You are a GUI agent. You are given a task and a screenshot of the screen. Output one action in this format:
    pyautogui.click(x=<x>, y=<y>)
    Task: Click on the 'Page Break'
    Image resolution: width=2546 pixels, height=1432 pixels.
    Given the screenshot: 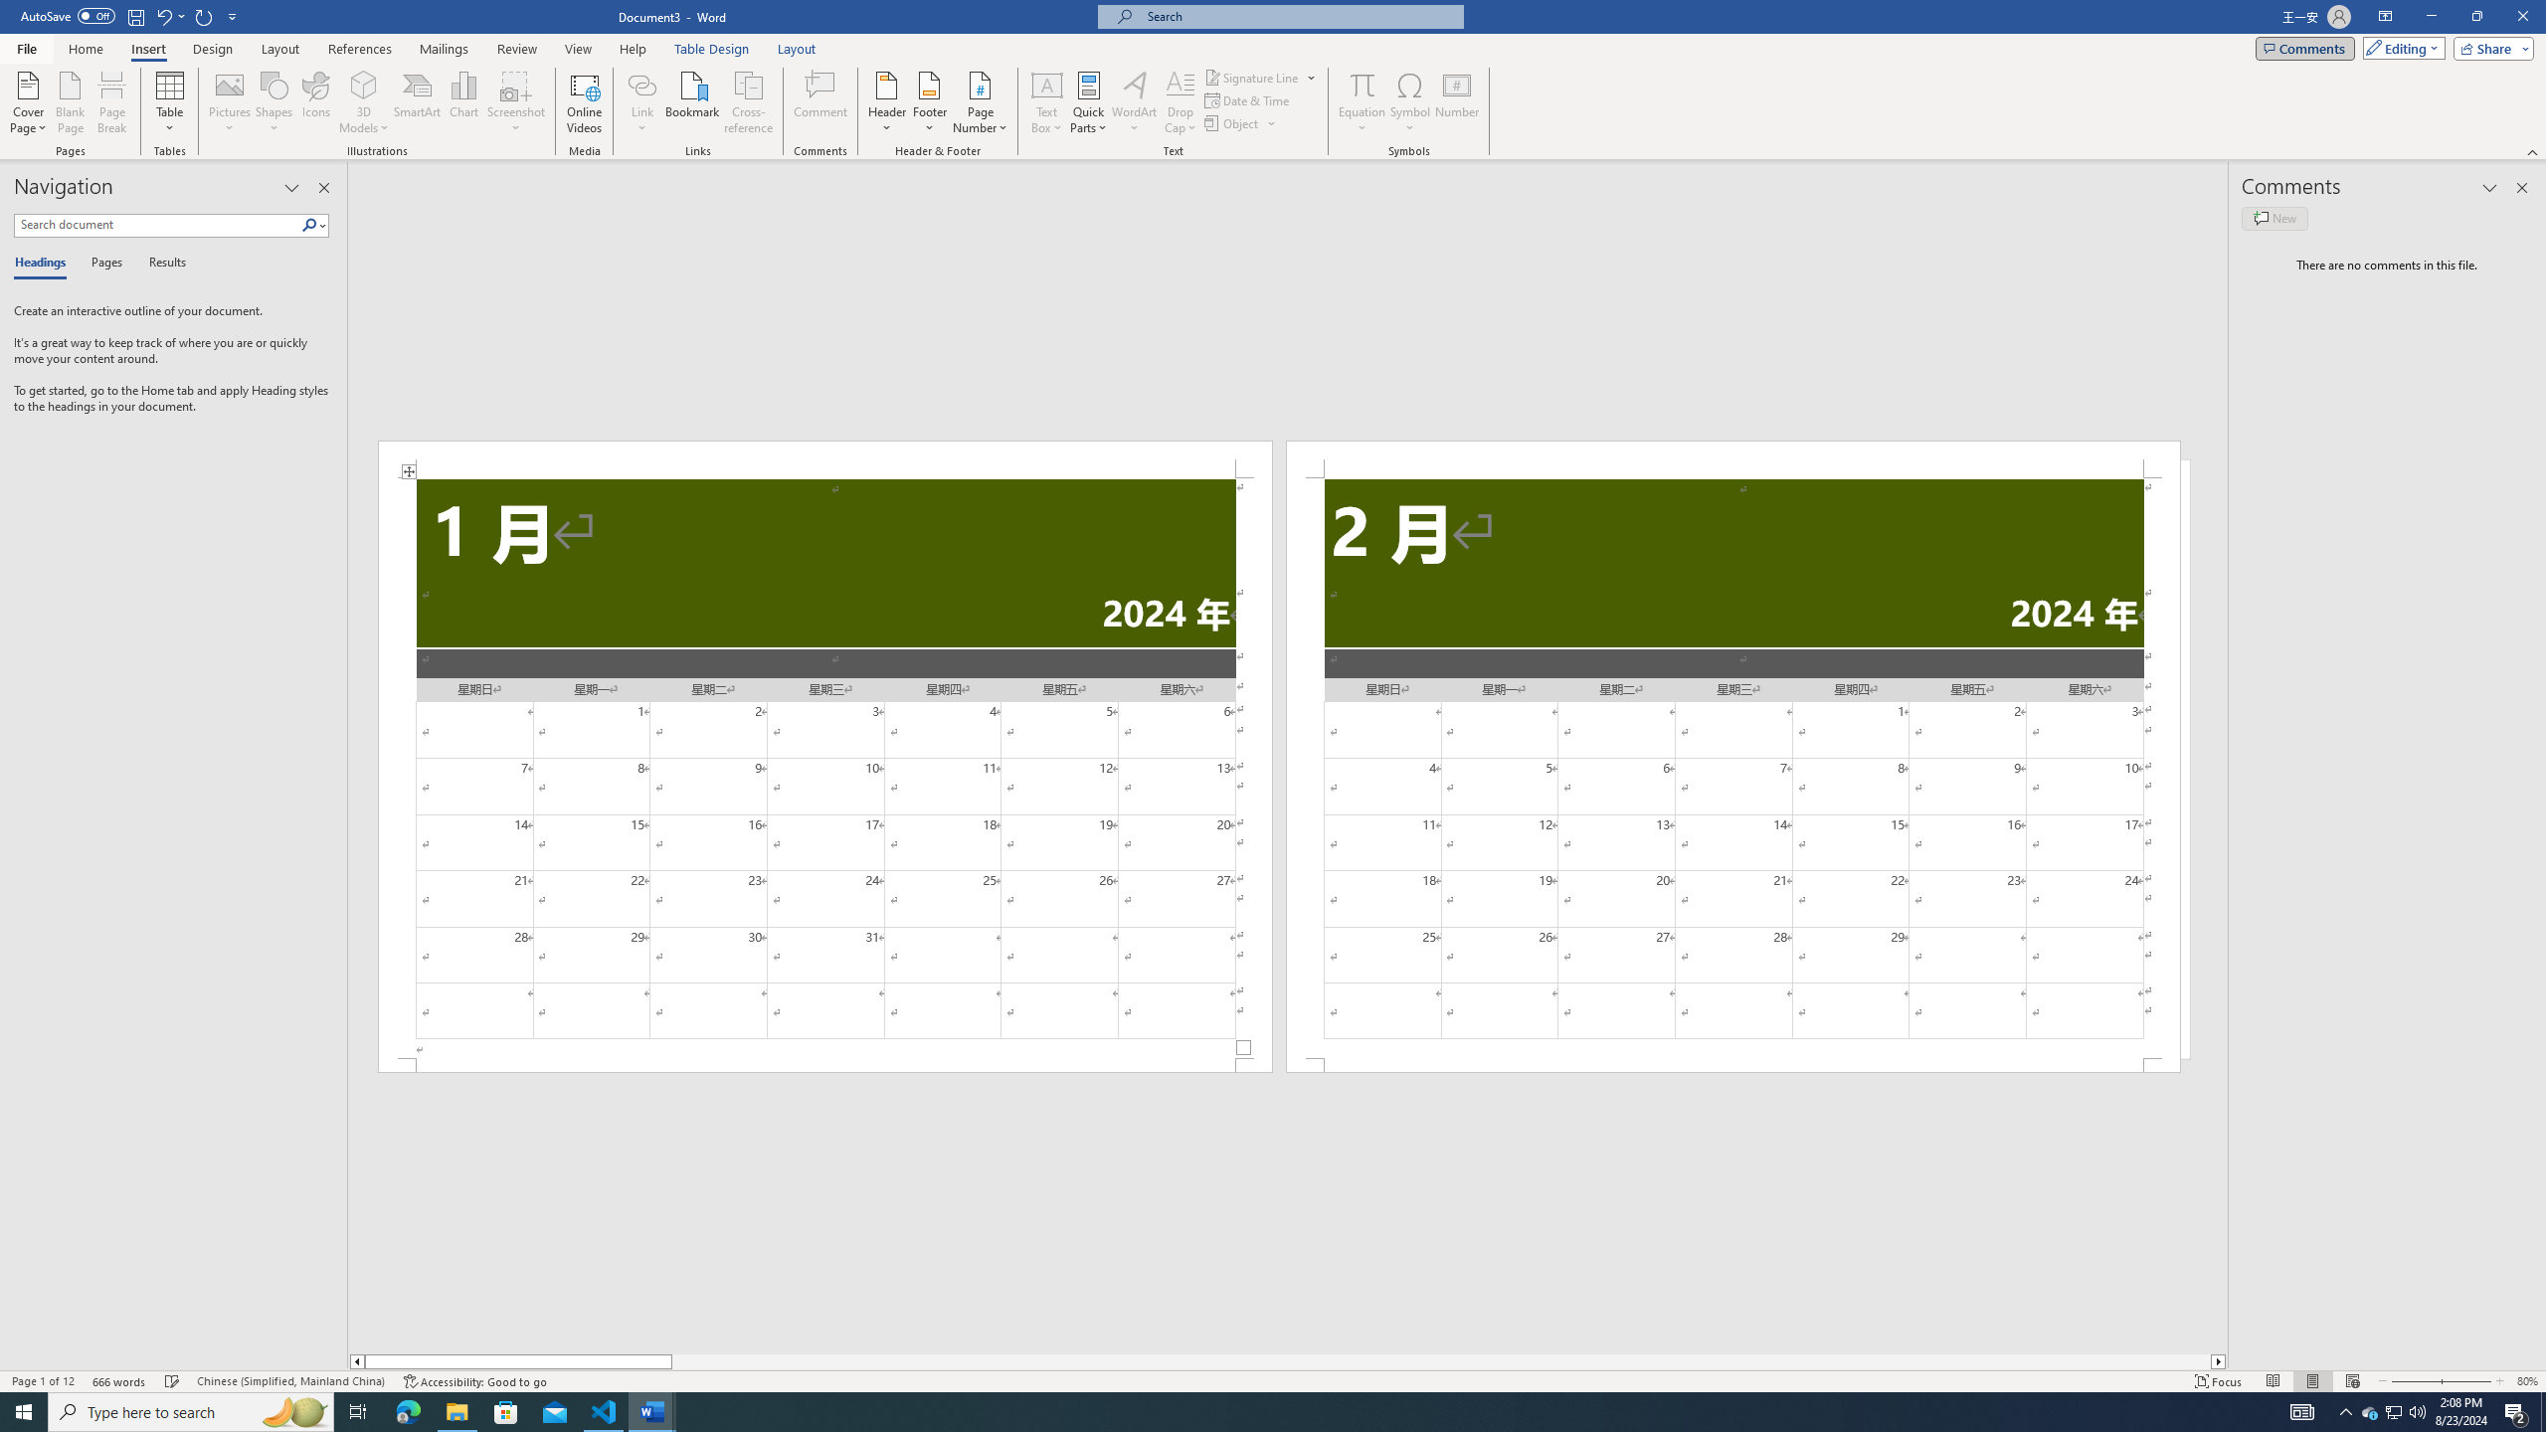 What is the action you would take?
    pyautogui.click(x=110, y=102)
    